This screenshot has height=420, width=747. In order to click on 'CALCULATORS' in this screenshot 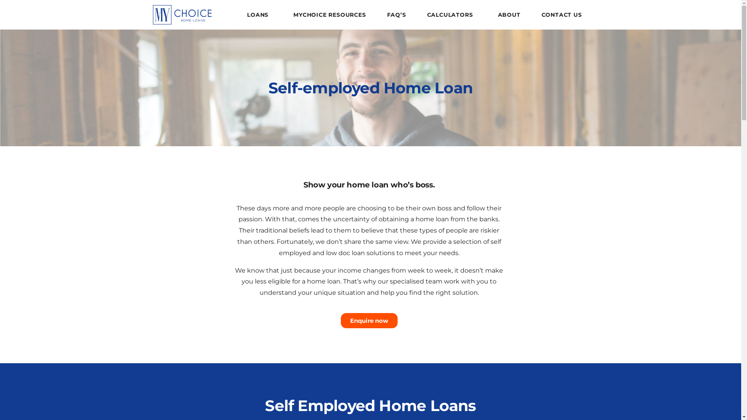, I will do `click(452, 15)`.